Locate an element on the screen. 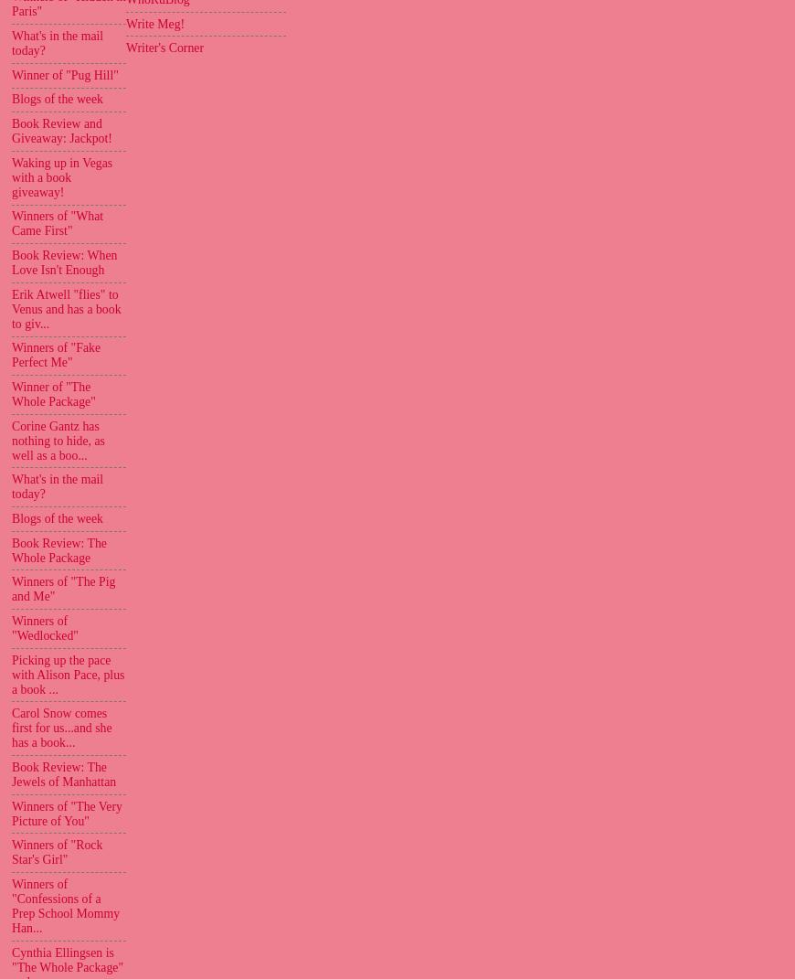  'Winner of "Pug Hill"' is located at coordinates (63, 74).